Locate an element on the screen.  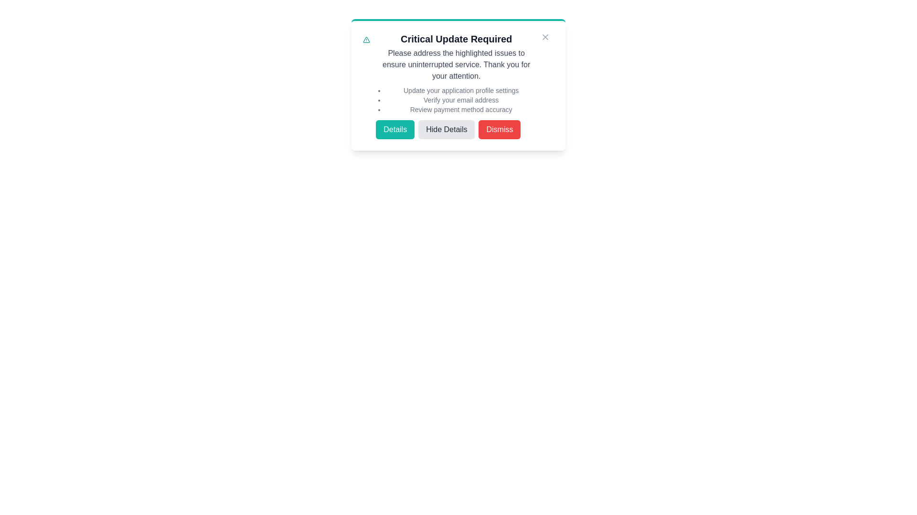
the triangular warning icon with a teal border located to the left of the 'Critical Update Required' text in the notification header is located at coordinates (366, 40).